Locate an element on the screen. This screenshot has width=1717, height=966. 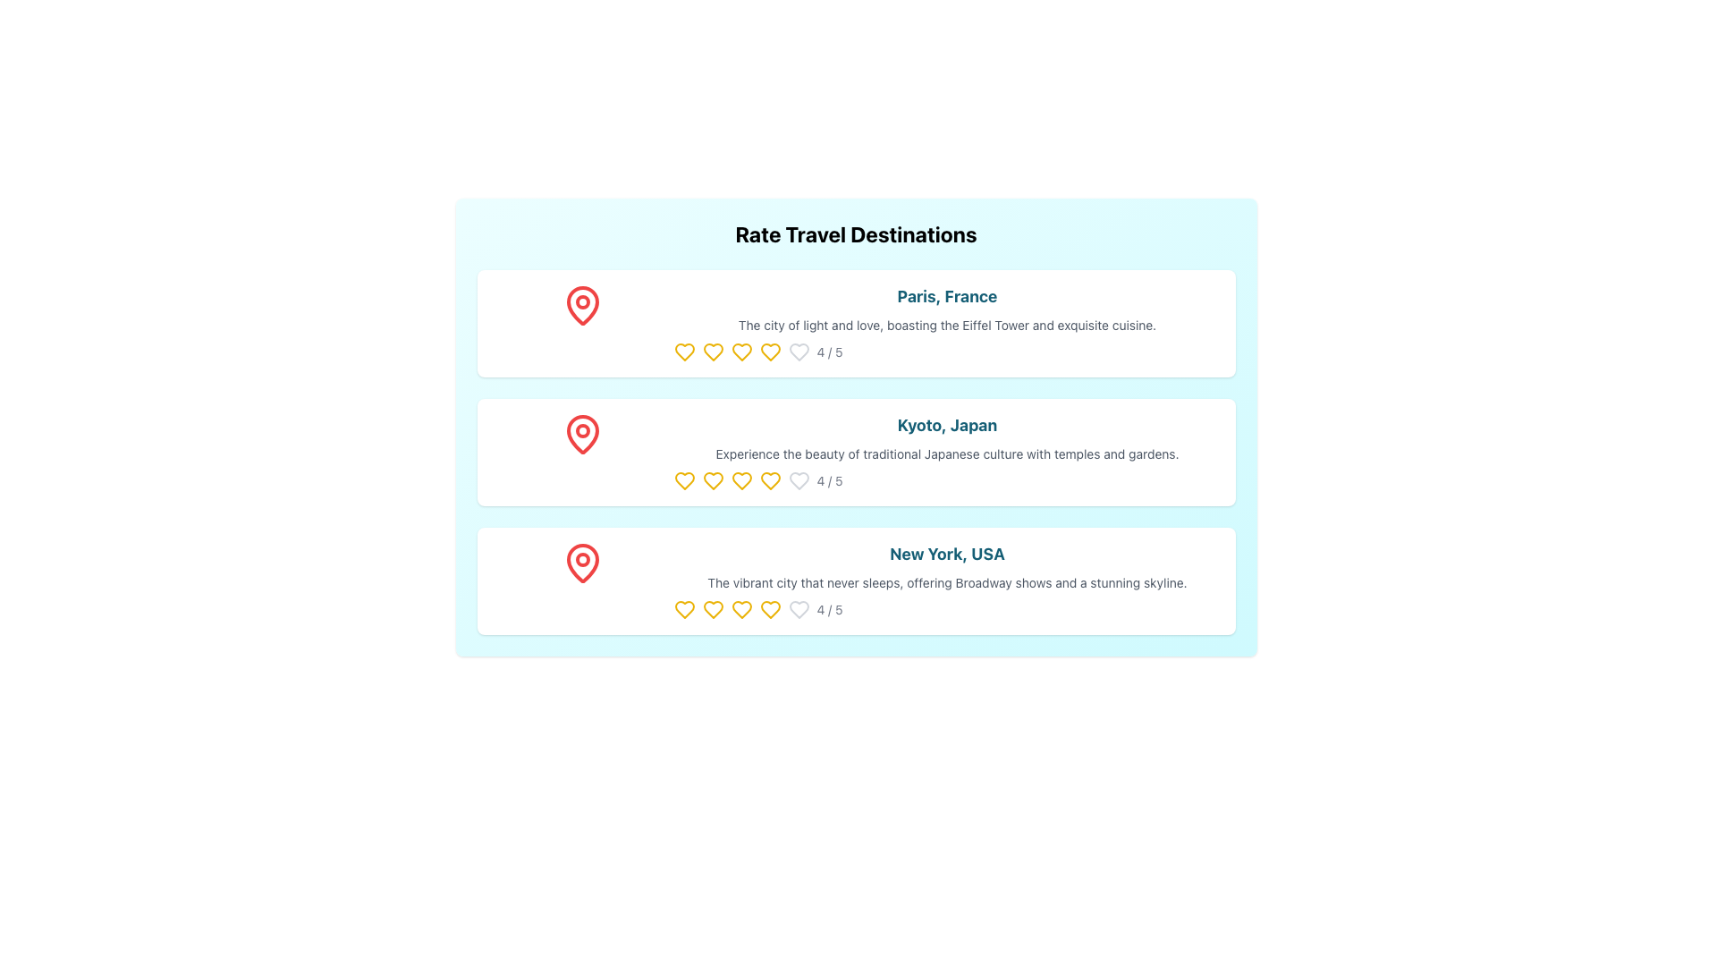
the heart-shaped icon with a solid yellow filling located in the third row of the travel destination list, specifically the second icon from the left in the rating section is located at coordinates (712, 609).